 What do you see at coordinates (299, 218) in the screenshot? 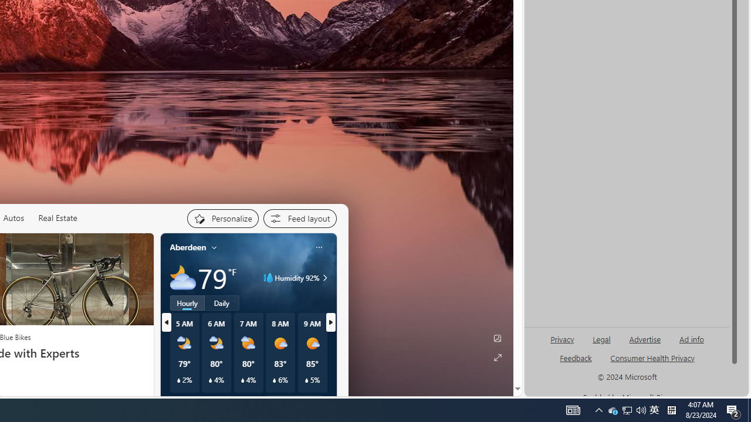
I see `'Feed settings'` at bounding box center [299, 218].